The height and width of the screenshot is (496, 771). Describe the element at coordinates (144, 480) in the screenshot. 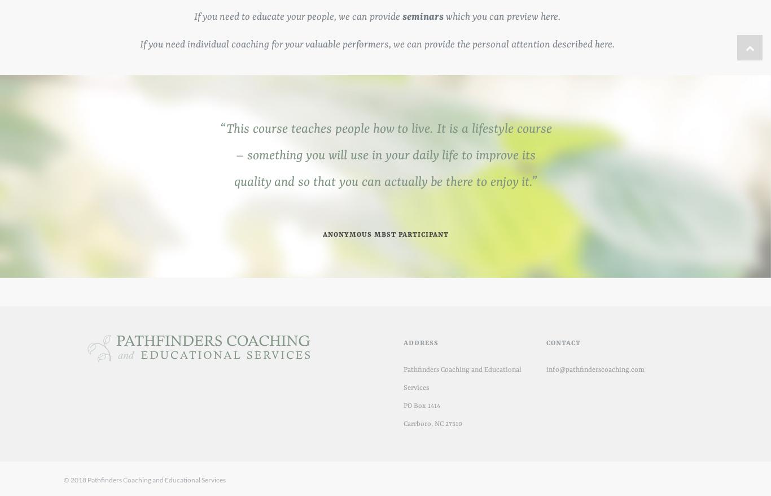

I see `'© 2018 Pathfinders Coaching and Educational Services'` at that location.